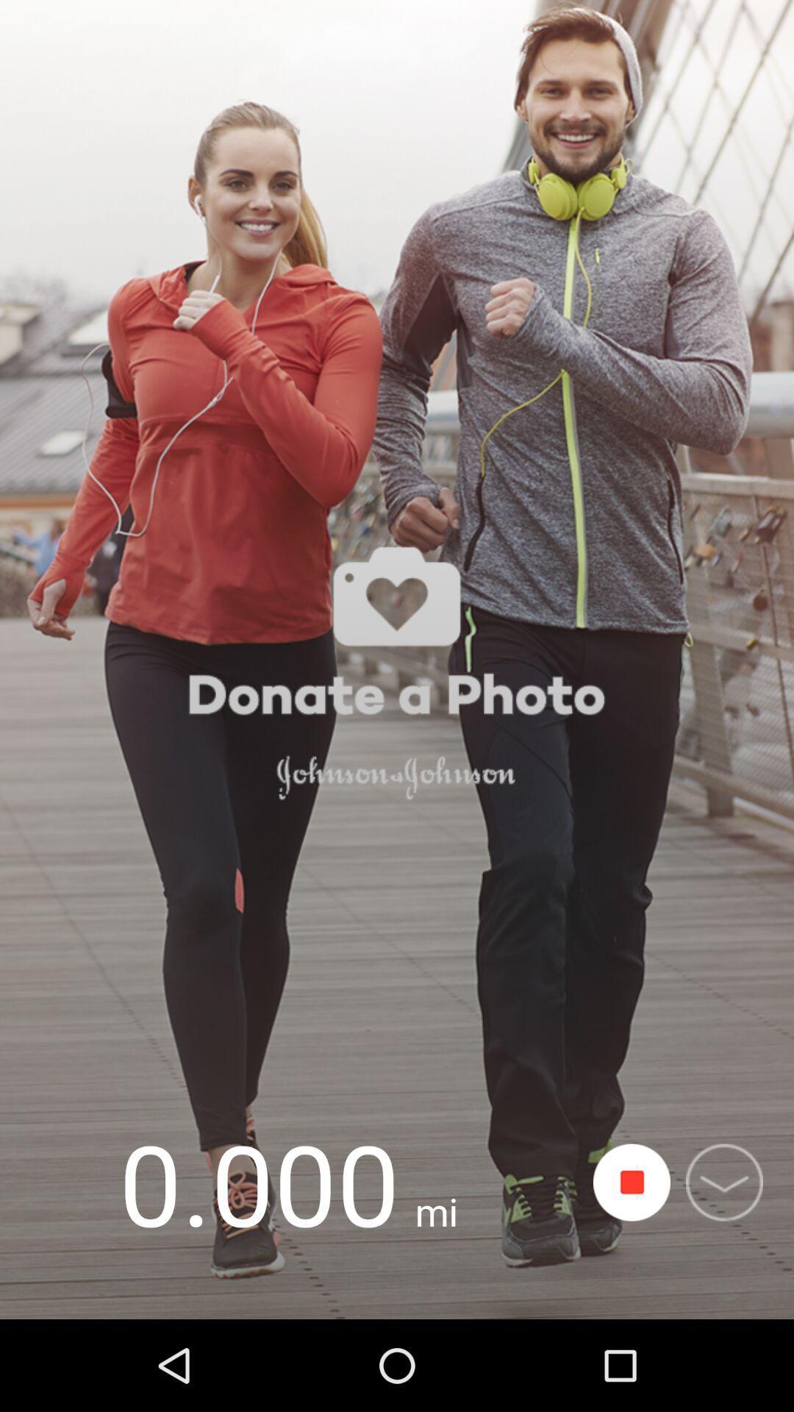 This screenshot has width=794, height=1412. I want to click on start or stop counting steps, so click(631, 1183).